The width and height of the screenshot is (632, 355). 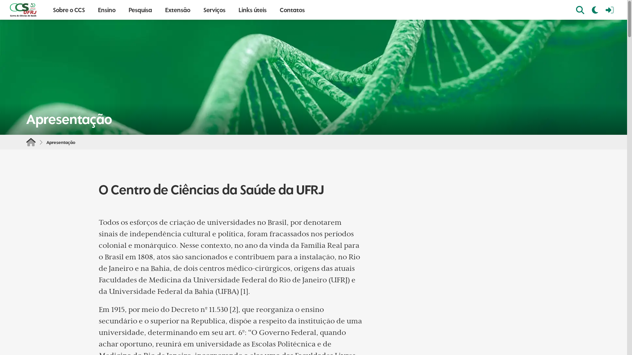 What do you see at coordinates (292, 10) in the screenshot?
I see `'Contatos'` at bounding box center [292, 10].